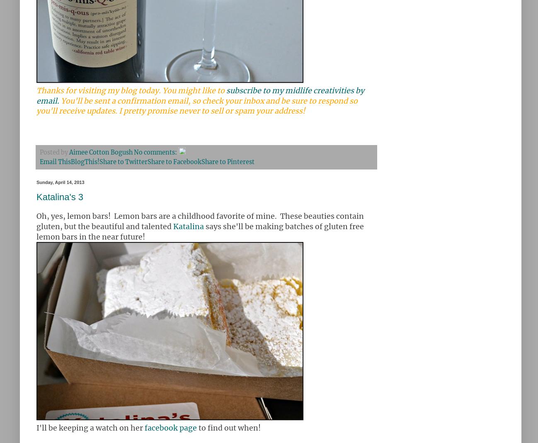 The image size is (538, 443). I want to click on 'No comments:', so click(156, 152).